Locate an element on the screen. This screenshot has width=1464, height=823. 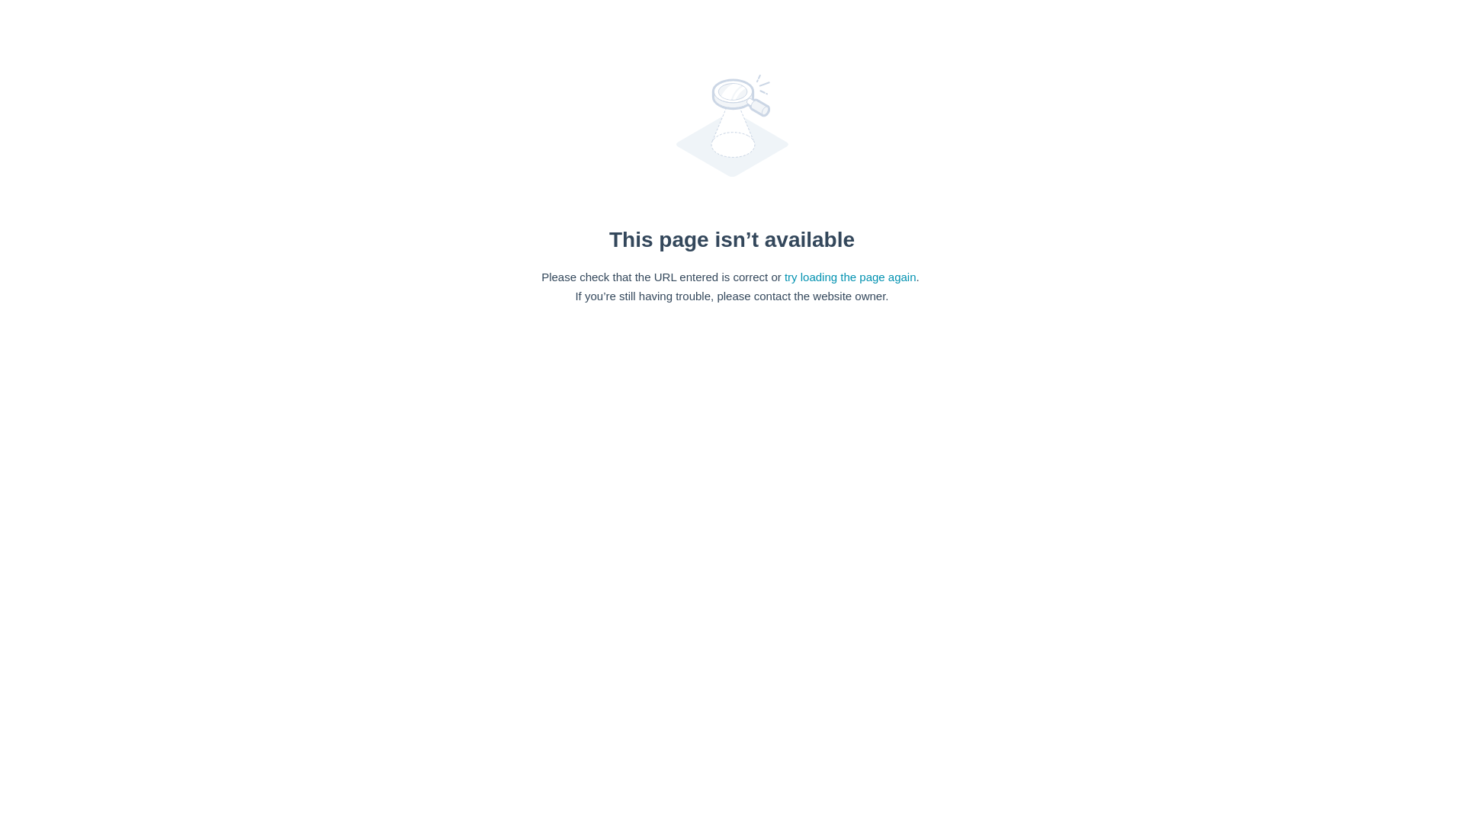
'try loading the page again' is located at coordinates (784, 276).